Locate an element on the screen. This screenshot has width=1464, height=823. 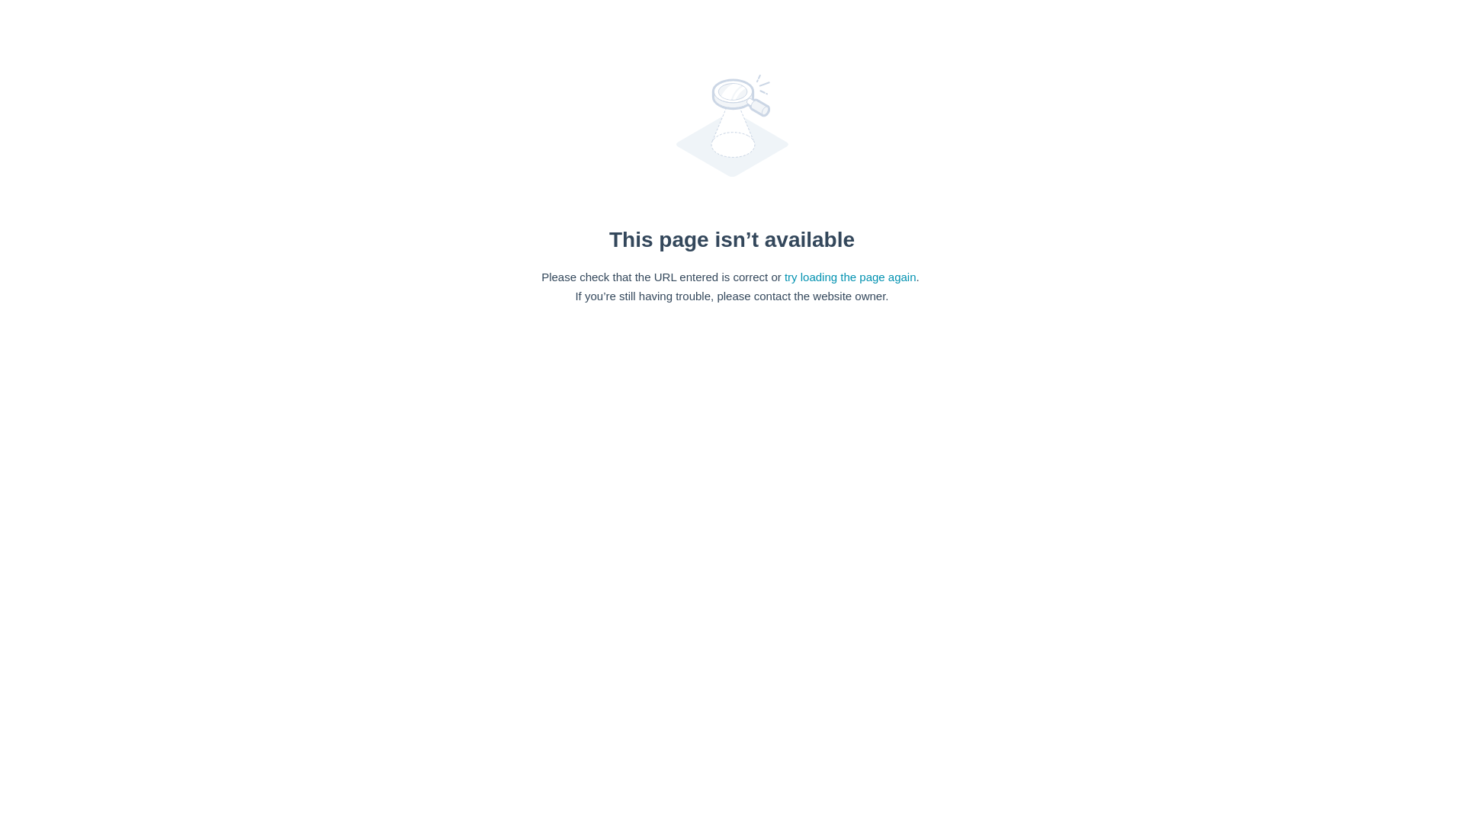
'try loading the page again' is located at coordinates (784, 276).